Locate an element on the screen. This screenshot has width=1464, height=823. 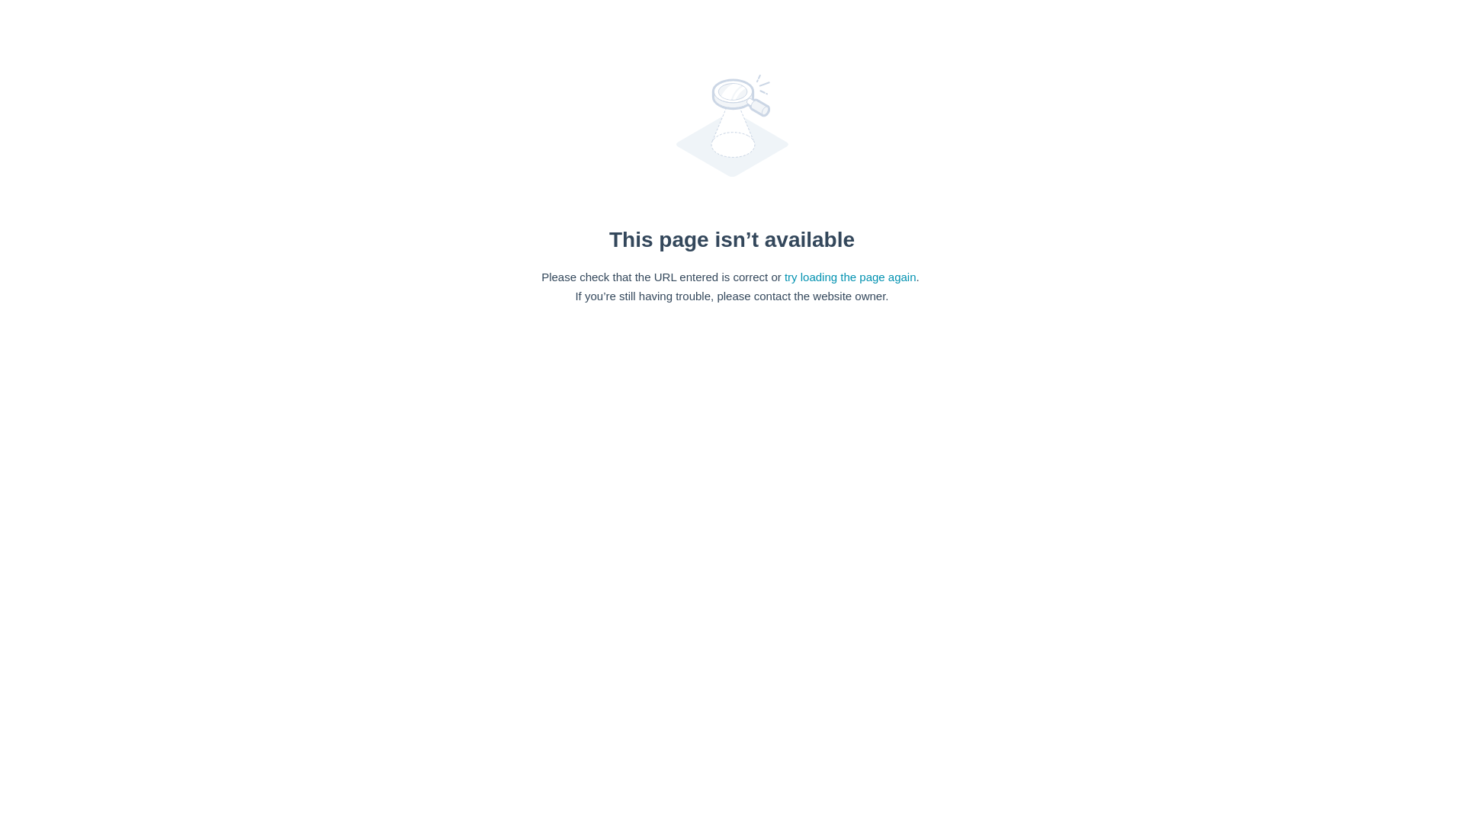
'try loading the page again' is located at coordinates (784, 276).